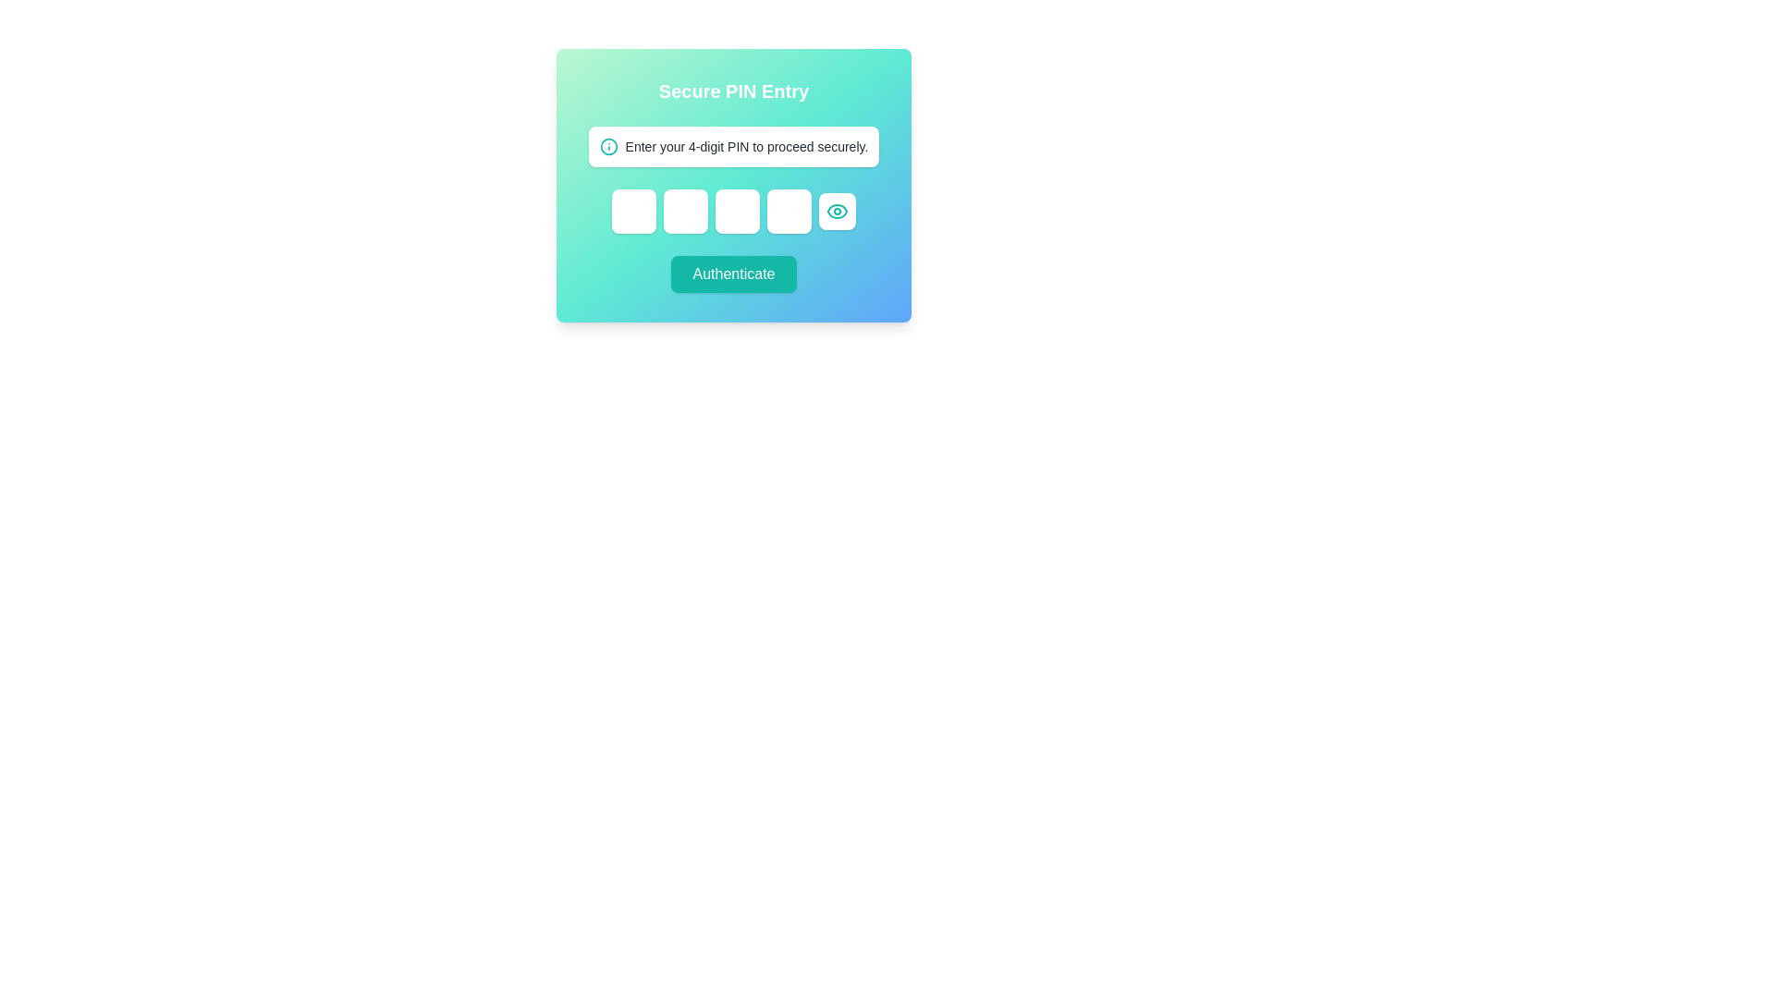  Describe the element at coordinates (608, 145) in the screenshot. I see `the informational icon located to the immediate left of the text 'Enter your 4-digit PIN to proceed securely.' within the notification box` at that location.